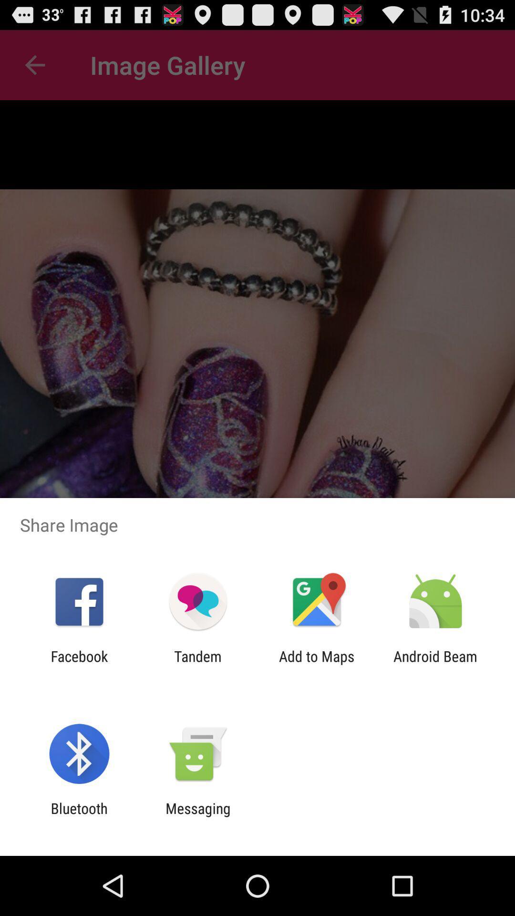 The image size is (515, 916). What do you see at coordinates (317, 664) in the screenshot?
I see `the app next to the tandem app` at bounding box center [317, 664].